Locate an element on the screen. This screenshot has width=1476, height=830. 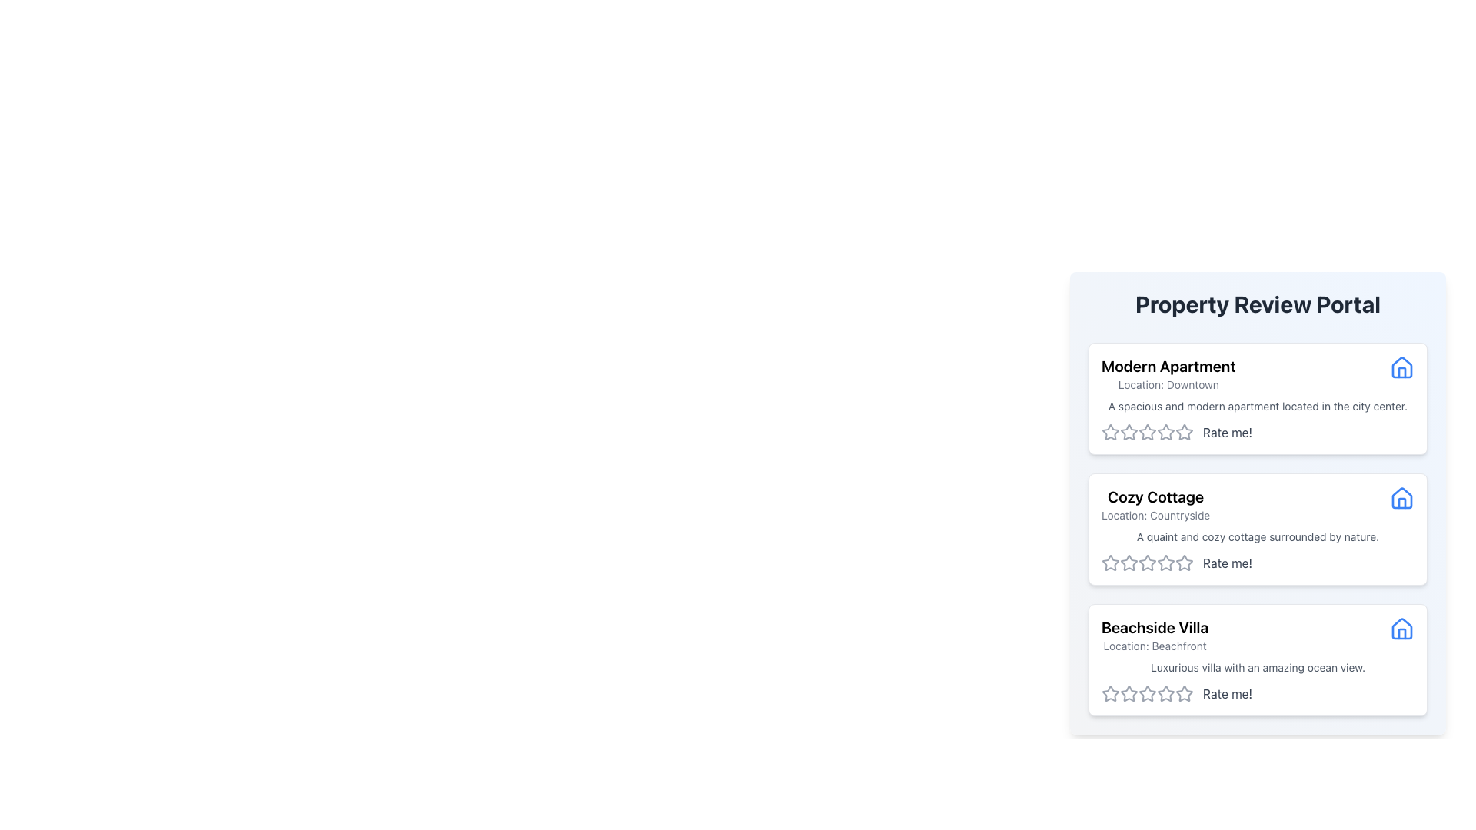
the text label displaying 'Rate me!' in gray color located on the far right of the review section for the 'Cozy Cottage' property, adjacent to the star icons is located at coordinates (1227, 563).